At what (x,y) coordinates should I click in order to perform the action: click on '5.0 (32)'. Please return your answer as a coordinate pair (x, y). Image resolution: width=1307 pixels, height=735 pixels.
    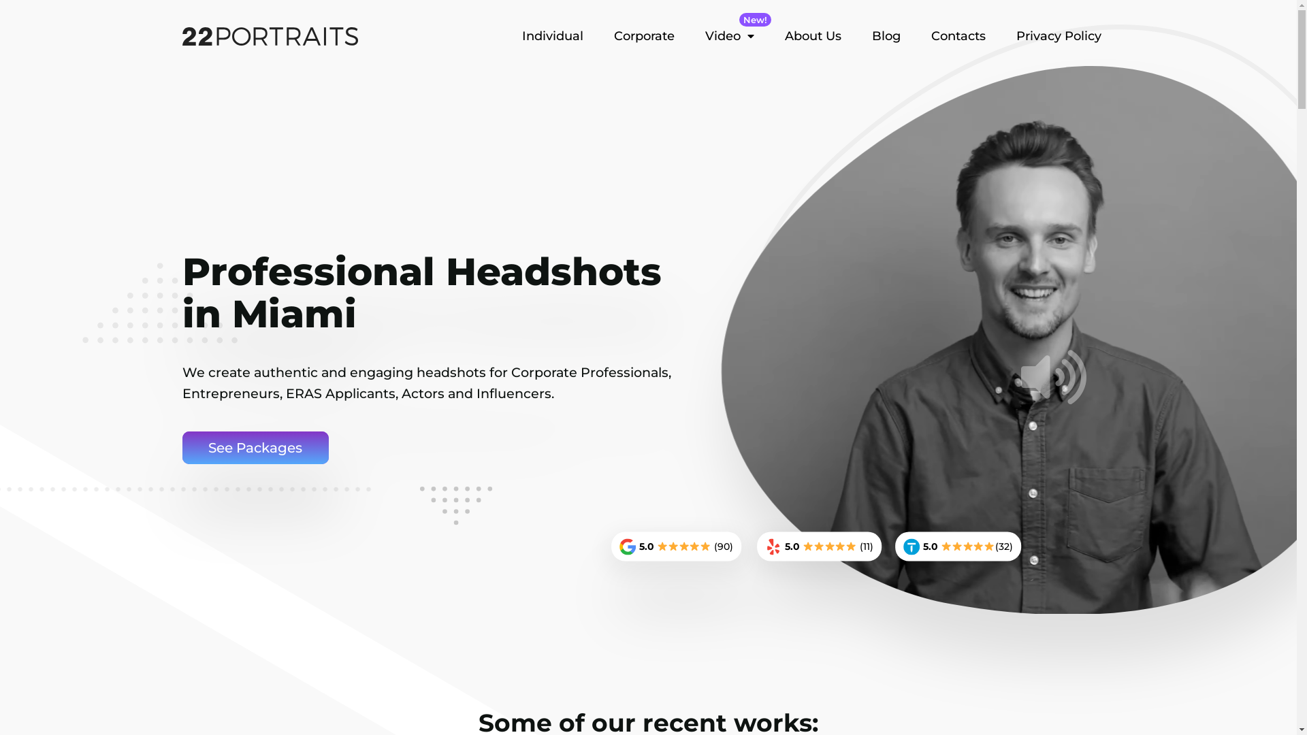
    Looking at the image, I should click on (895, 546).